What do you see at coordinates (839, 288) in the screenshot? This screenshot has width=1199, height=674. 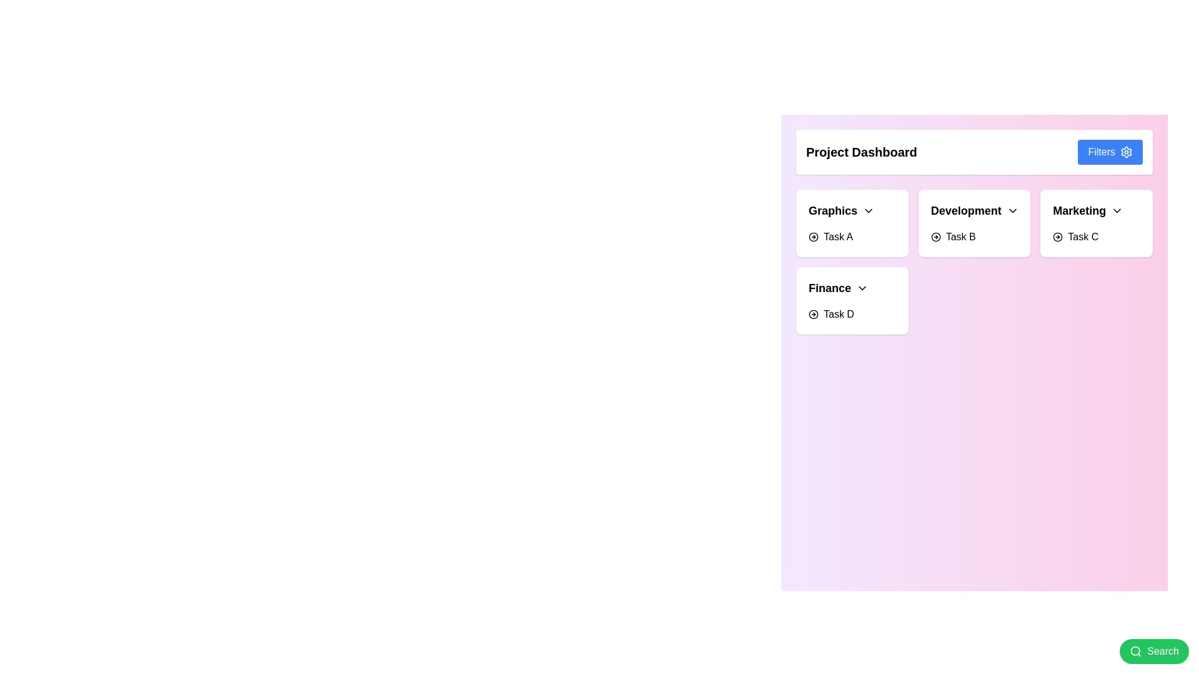 I see `the Finance dropdown menu label` at bounding box center [839, 288].